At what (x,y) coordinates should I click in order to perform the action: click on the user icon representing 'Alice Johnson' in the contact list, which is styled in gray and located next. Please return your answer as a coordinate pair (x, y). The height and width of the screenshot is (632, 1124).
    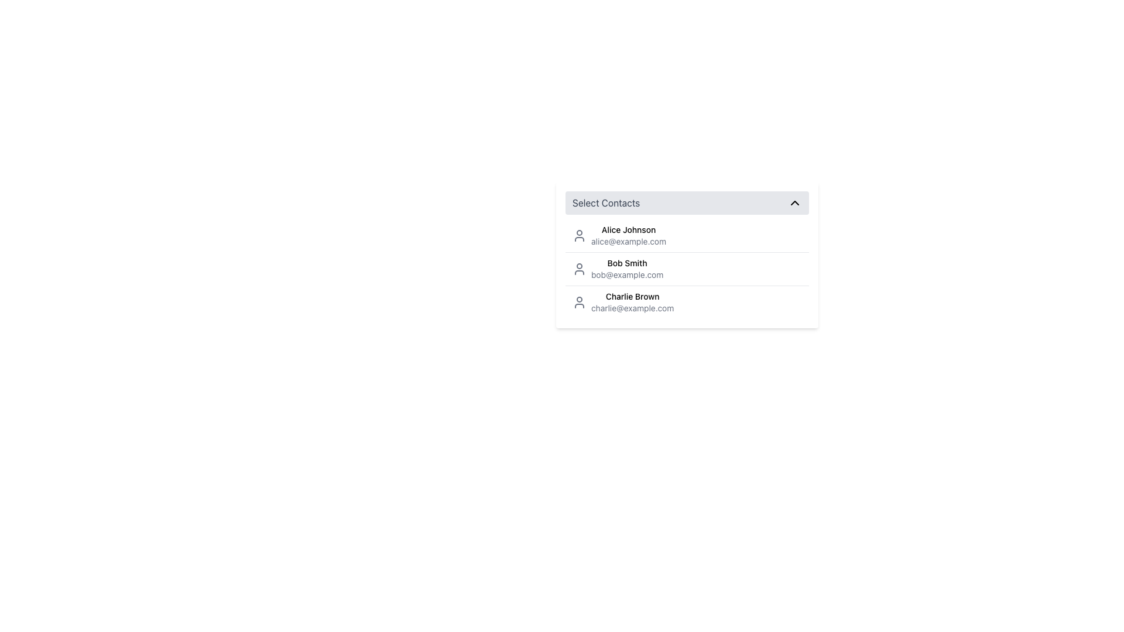
    Looking at the image, I should click on (579, 235).